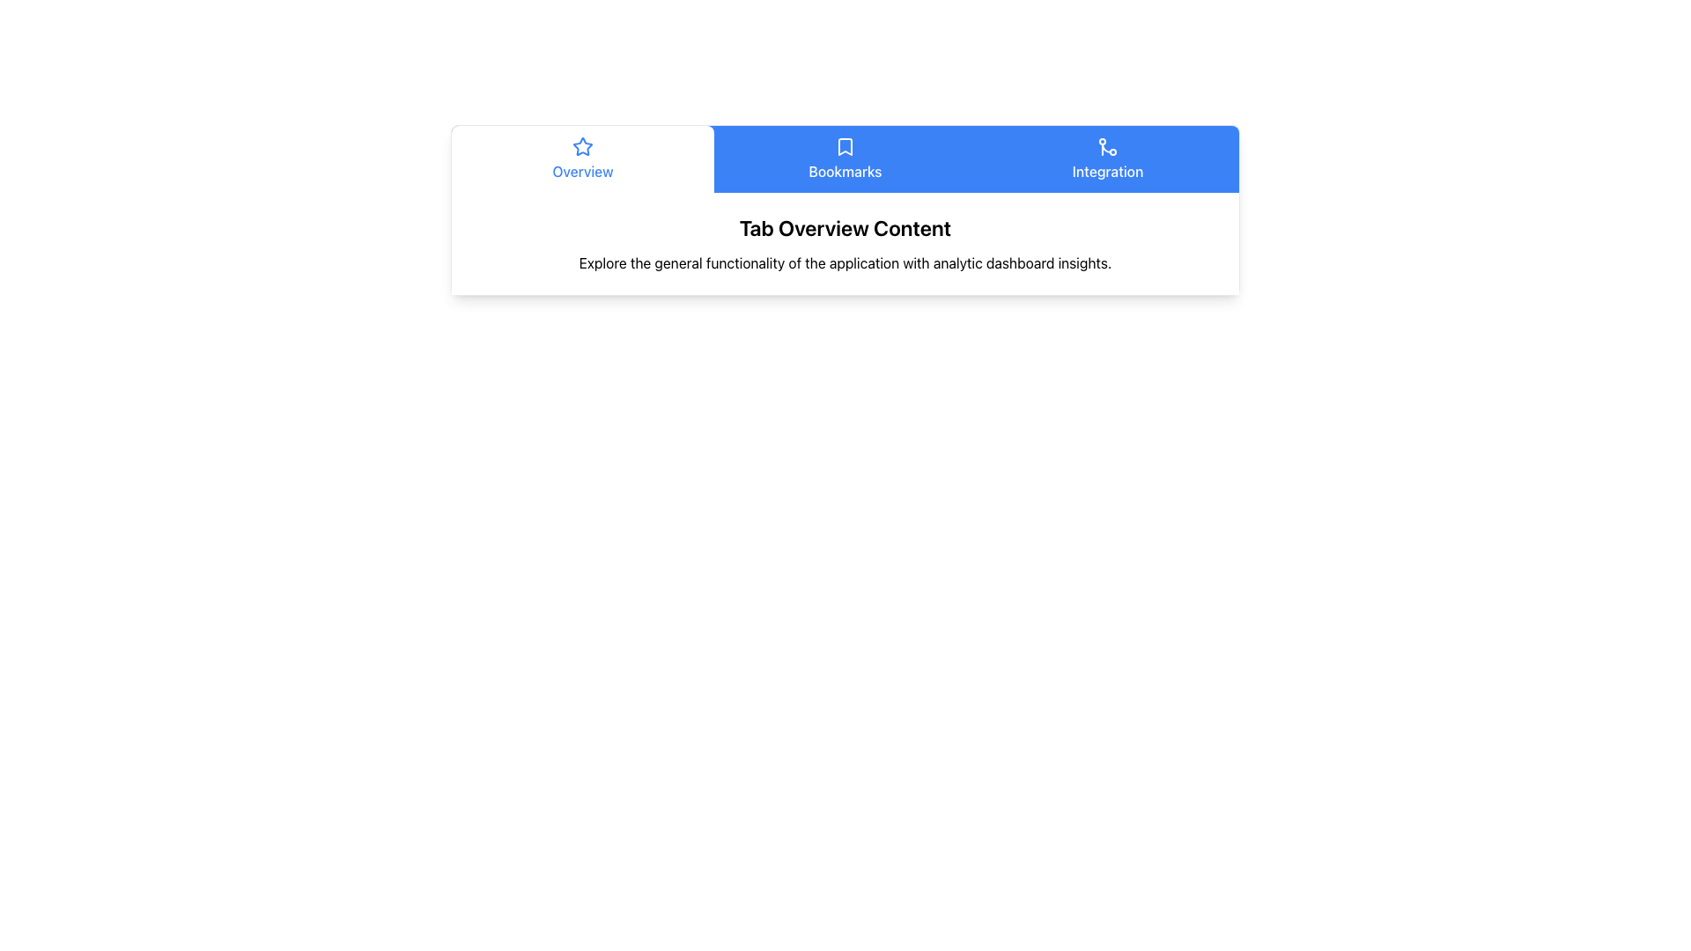 Image resolution: width=1691 pixels, height=951 pixels. Describe the element at coordinates (845, 263) in the screenshot. I see `information from the text element that states 'Explore the general functionality of the application with analytic dashboard insights.', located below the header 'Tab Overview Content'` at that location.